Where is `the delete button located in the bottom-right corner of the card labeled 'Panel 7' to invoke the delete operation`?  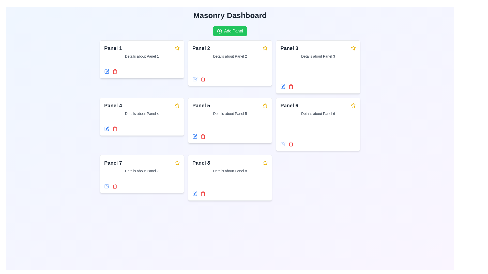
the delete button located in the bottom-right corner of the card labeled 'Panel 7' to invoke the delete operation is located at coordinates (114, 186).